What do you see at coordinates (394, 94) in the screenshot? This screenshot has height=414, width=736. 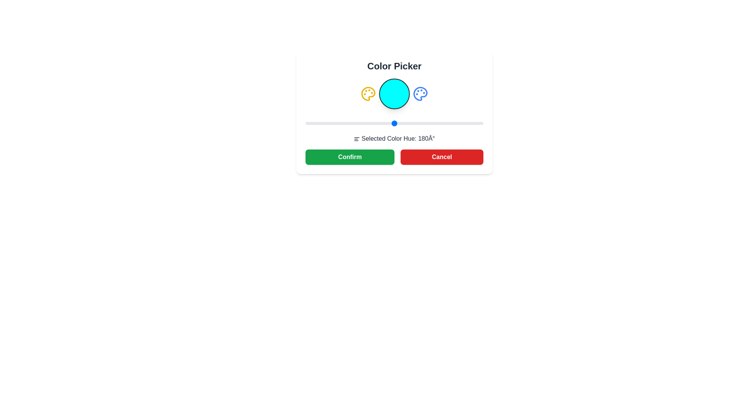 I see `the color representation circle` at bounding box center [394, 94].